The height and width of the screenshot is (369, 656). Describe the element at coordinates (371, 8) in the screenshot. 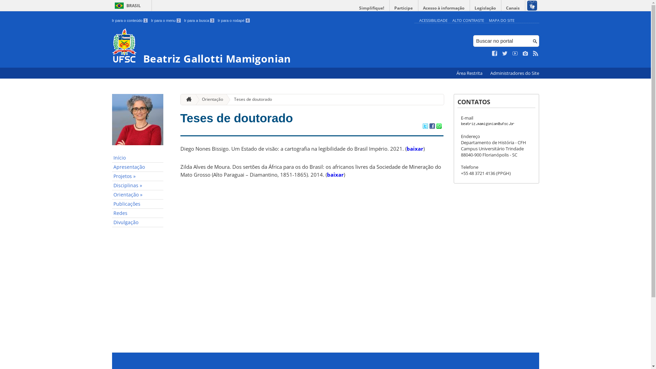

I see `'Simplifique!'` at that location.